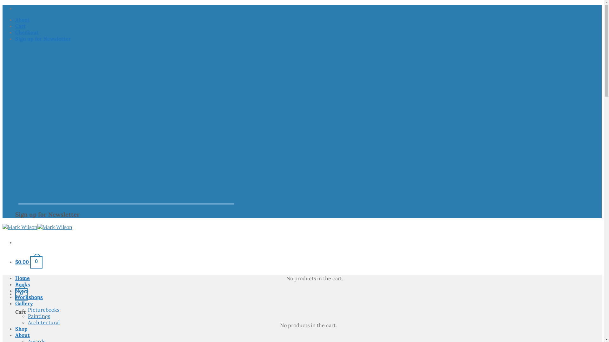  I want to click on 'Picturebooks', so click(43, 309).